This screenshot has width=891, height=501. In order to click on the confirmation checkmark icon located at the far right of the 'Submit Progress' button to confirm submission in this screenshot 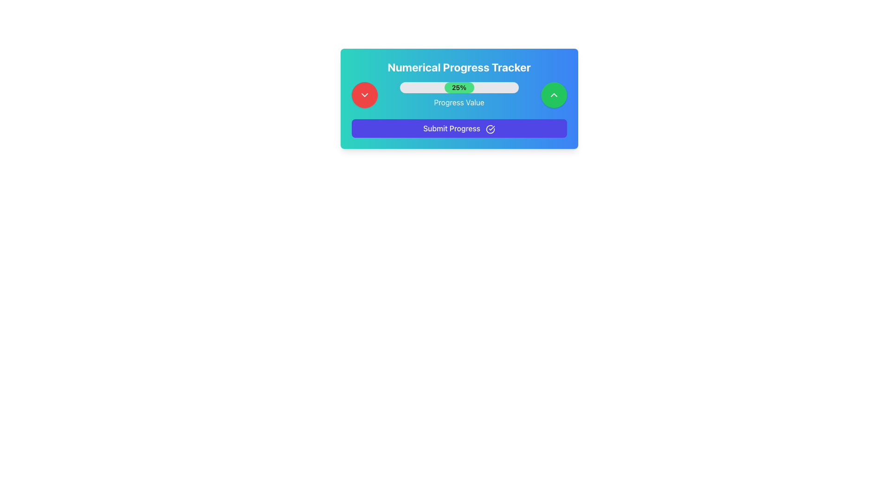, I will do `click(490, 129)`.